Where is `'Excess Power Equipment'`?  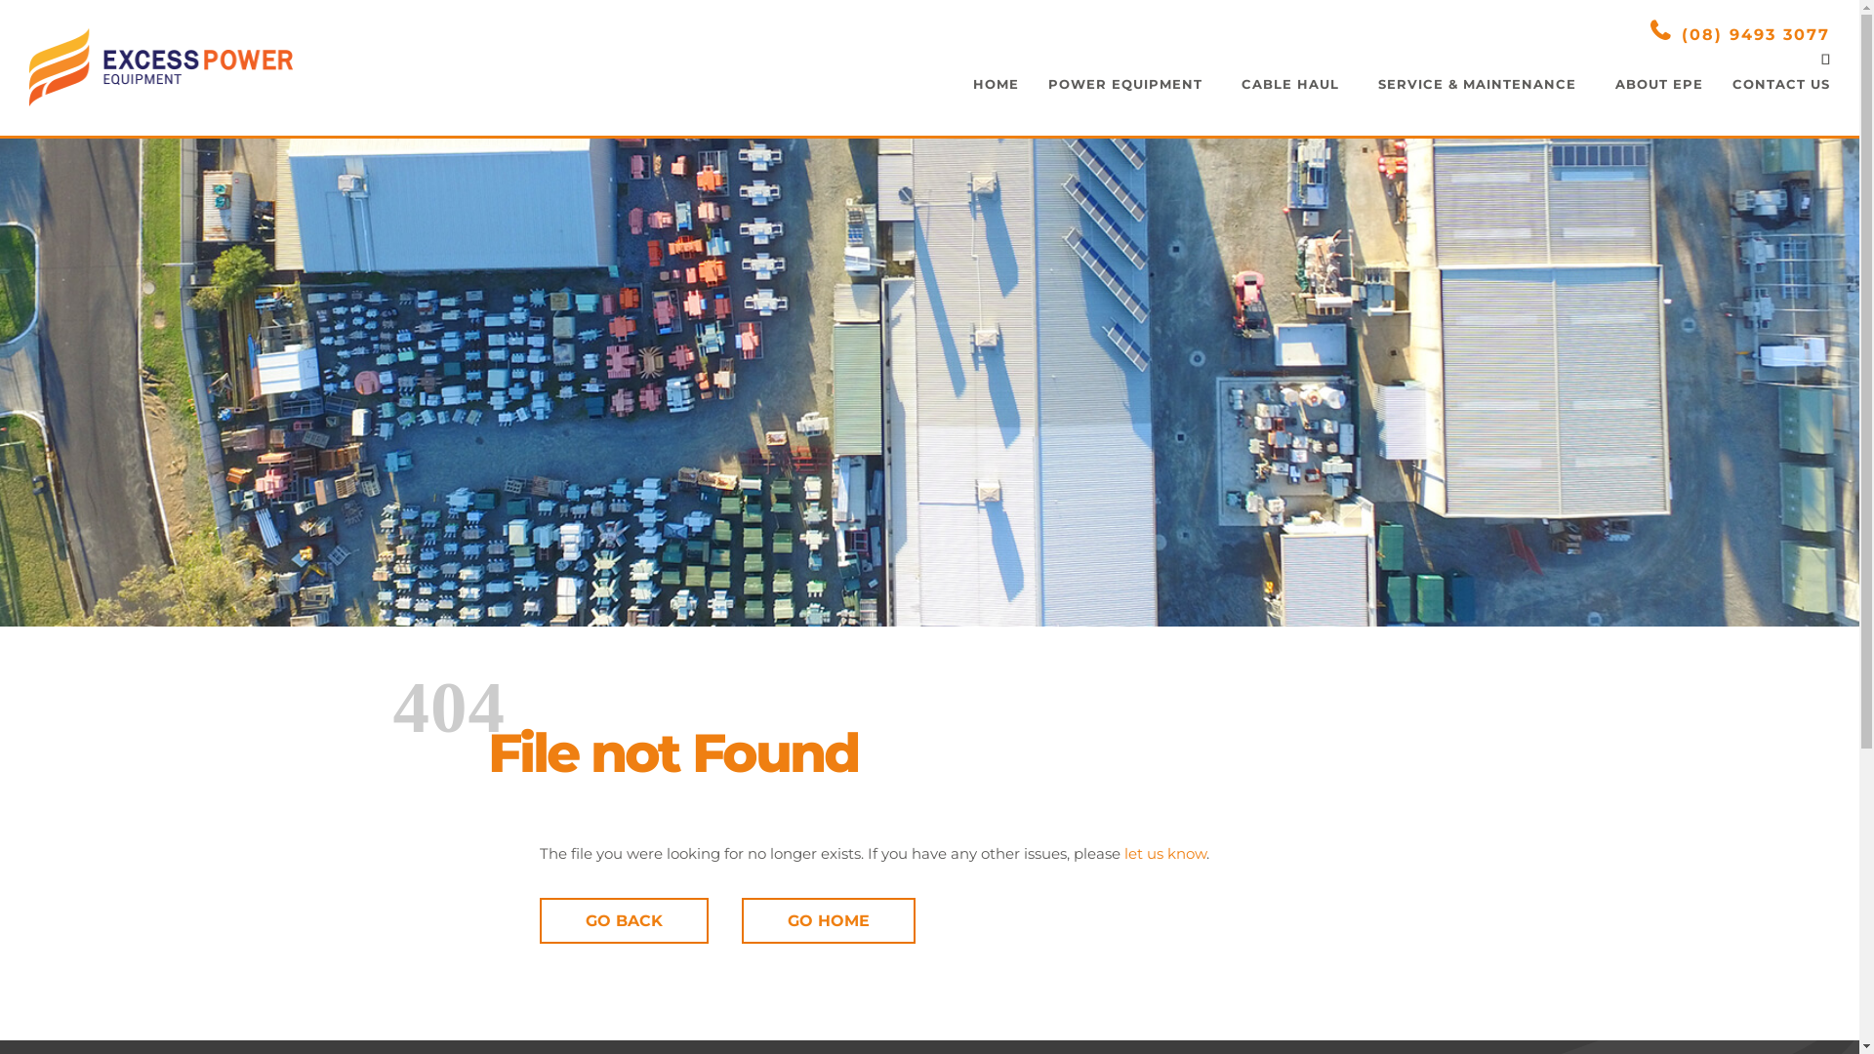 'Excess Power Equipment' is located at coordinates (28, 66).